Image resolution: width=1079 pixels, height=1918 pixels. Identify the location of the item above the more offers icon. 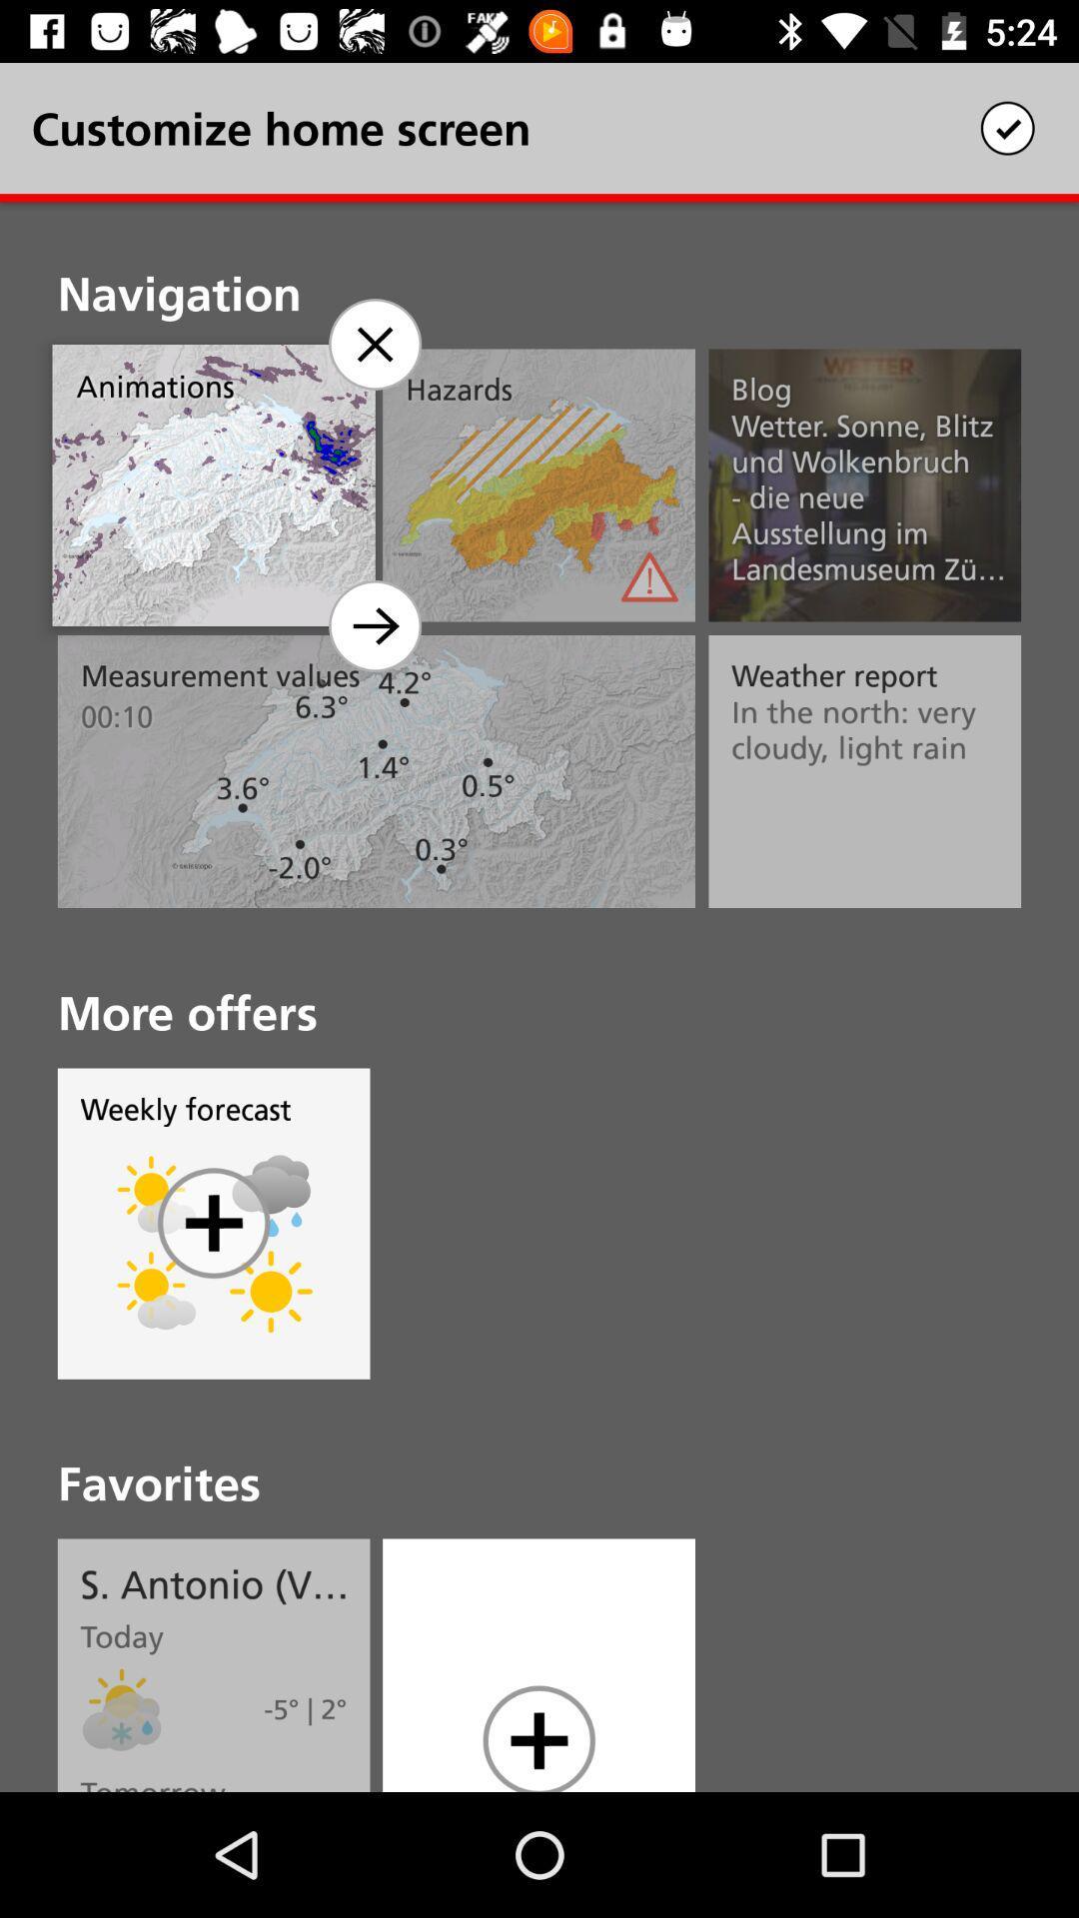
(374, 625).